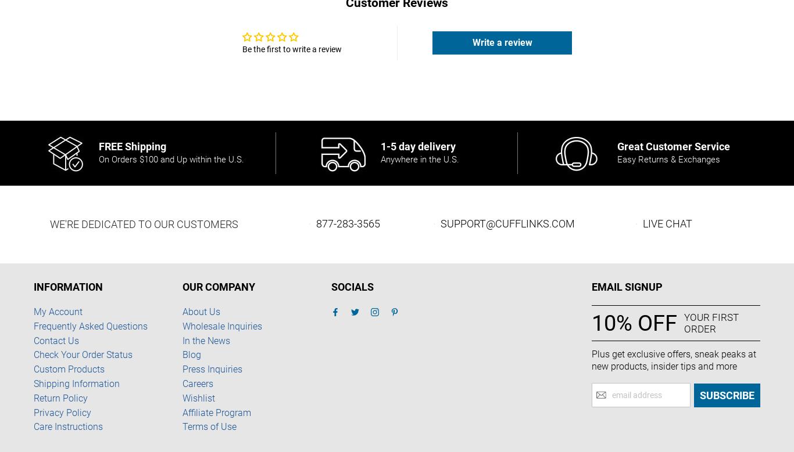 The height and width of the screenshot is (452, 794). Describe the element at coordinates (627, 287) in the screenshot. I see `'EMAIL SIGNUP'` at that location.